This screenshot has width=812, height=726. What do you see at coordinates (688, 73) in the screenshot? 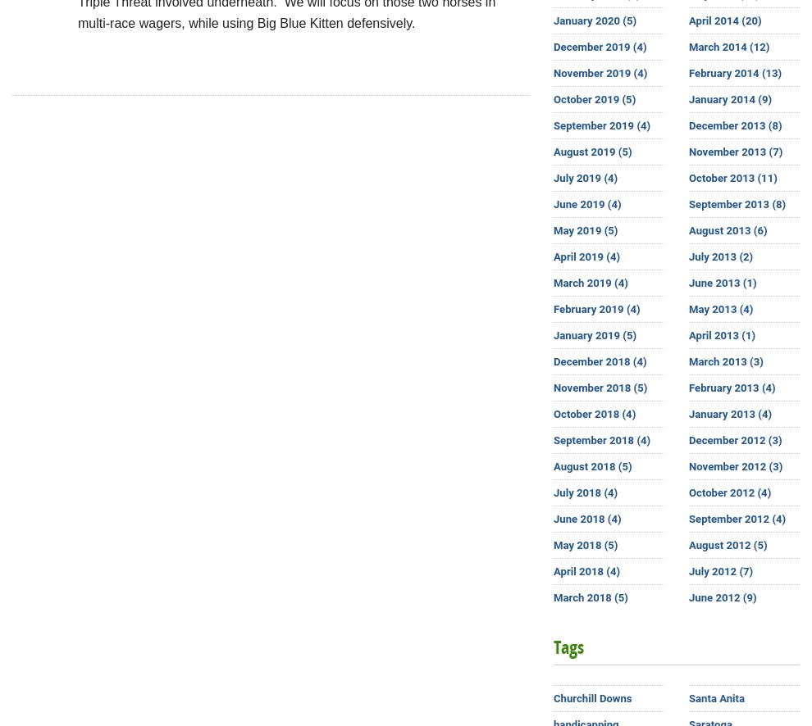
I see `'February 2014 (13)'` at bounding box center [688, 73].